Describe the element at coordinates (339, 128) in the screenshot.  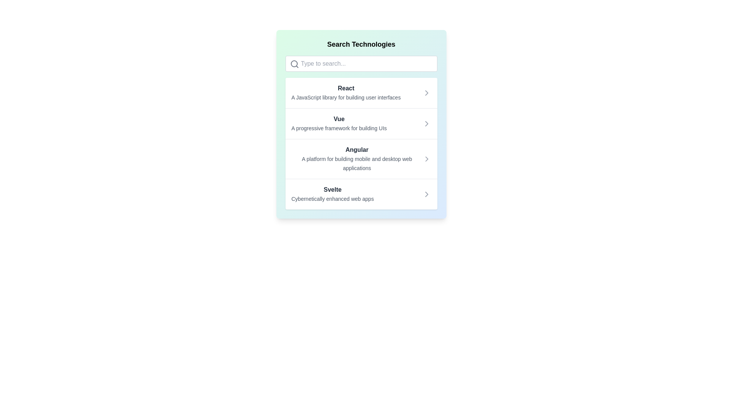
I see `the static text label that says 'A progressive framework for building UIs', which is located below the title 'Vue' in the list of technologies` at that location.